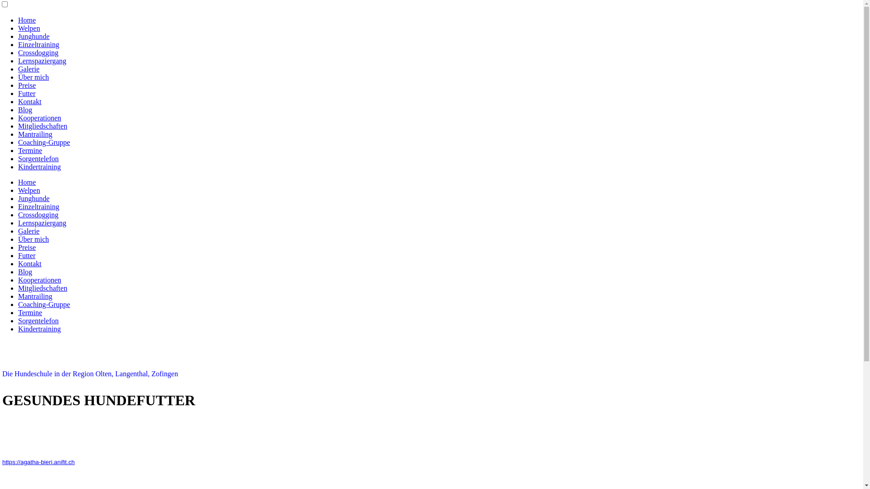  I want to click on 'Einzeltraining', so click(18, 44).